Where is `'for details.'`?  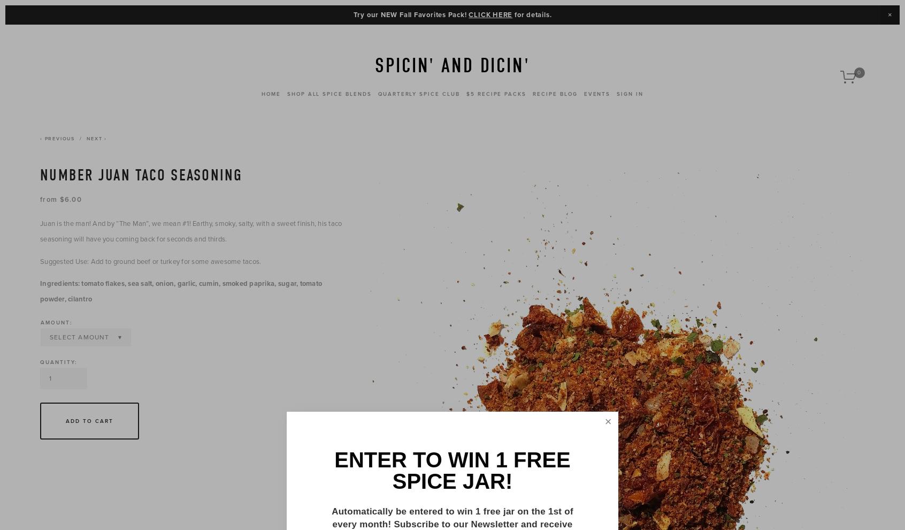
'for details.' is located at coordinates (531, 14).